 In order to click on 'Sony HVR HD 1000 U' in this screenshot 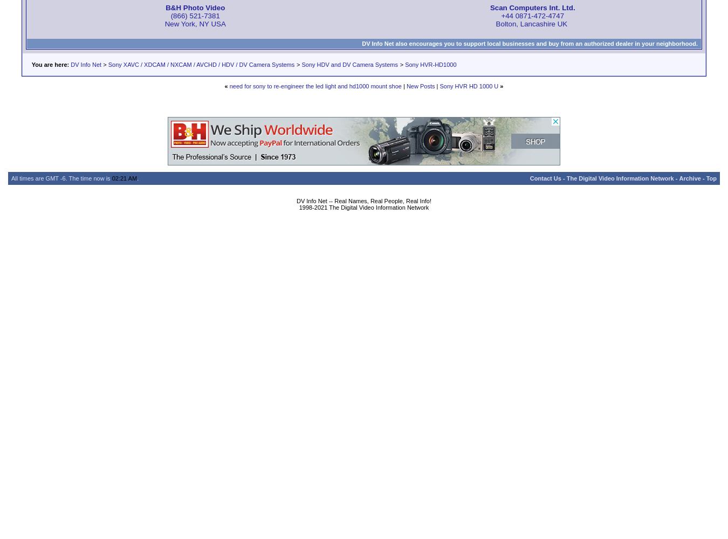, I will do `click(439, 86)`.